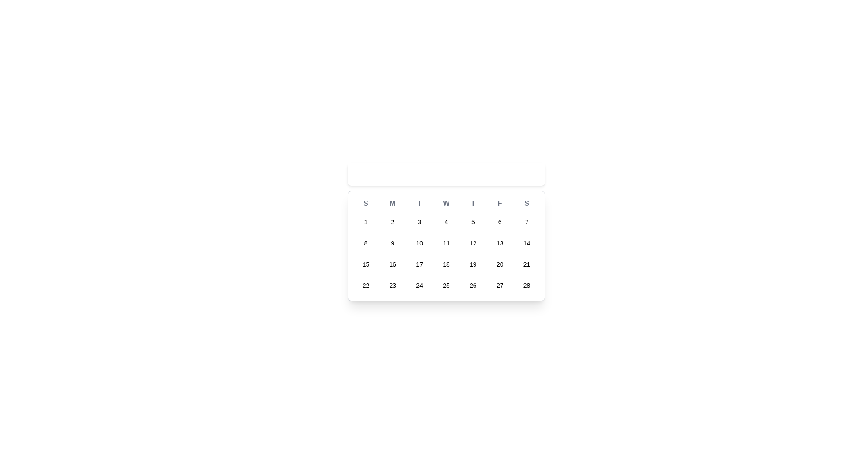 The image size is (846, 476). What do you see at coordinates (499, 264) in the screenshot?
I see `the interactive calendar day cell representing the number '20'` at bounding box center [499, 264].